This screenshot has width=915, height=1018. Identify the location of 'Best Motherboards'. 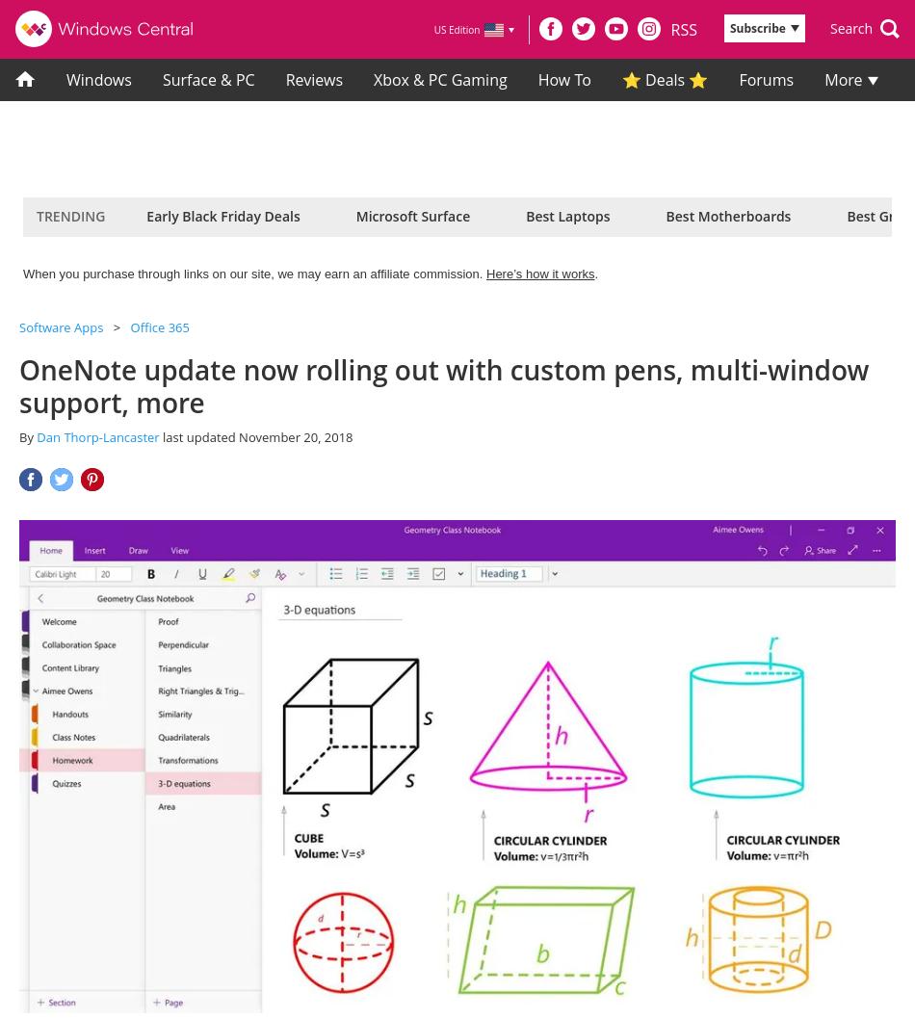
(666, 216).